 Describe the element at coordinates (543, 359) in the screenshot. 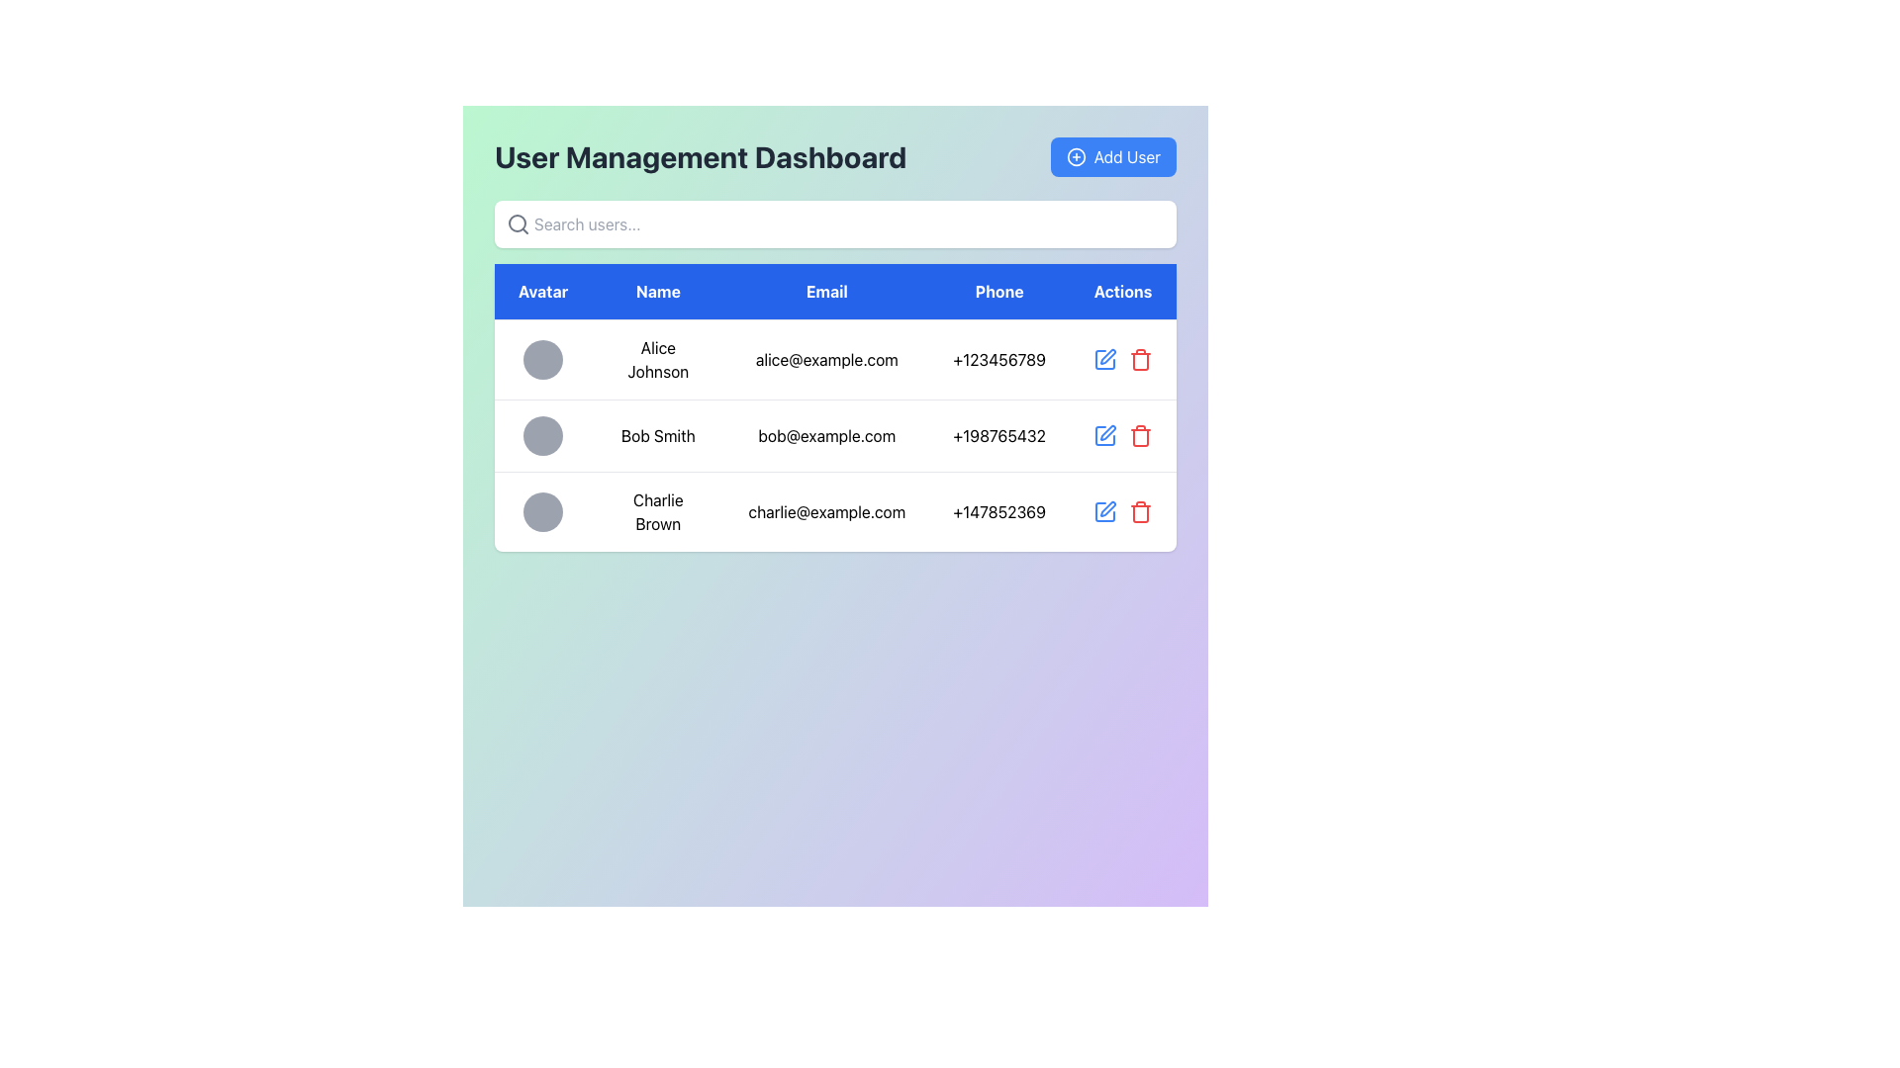

I see `the circular gray avatar placeholder located in the first row of the user information table under the 'Avatar' column, adjacent to 'Alice Johnson'` at that location.